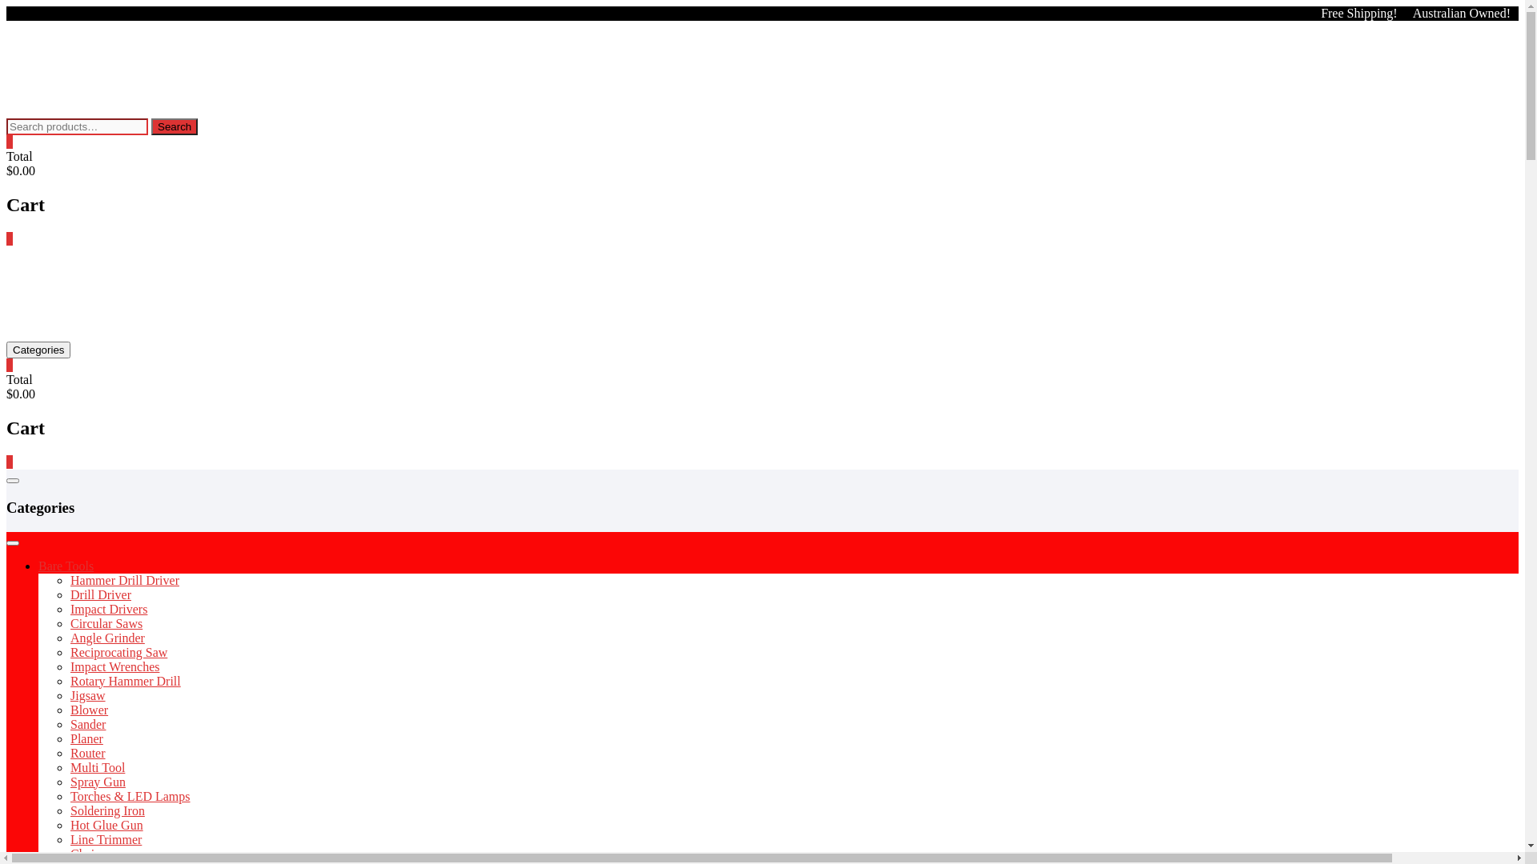 The height and width of the screenshot is (864, 1537). What do you see at coordinates (124, 580) in the screenshot?
I see `'Hammer Drill Driver'` at bounding box center [124, 580].